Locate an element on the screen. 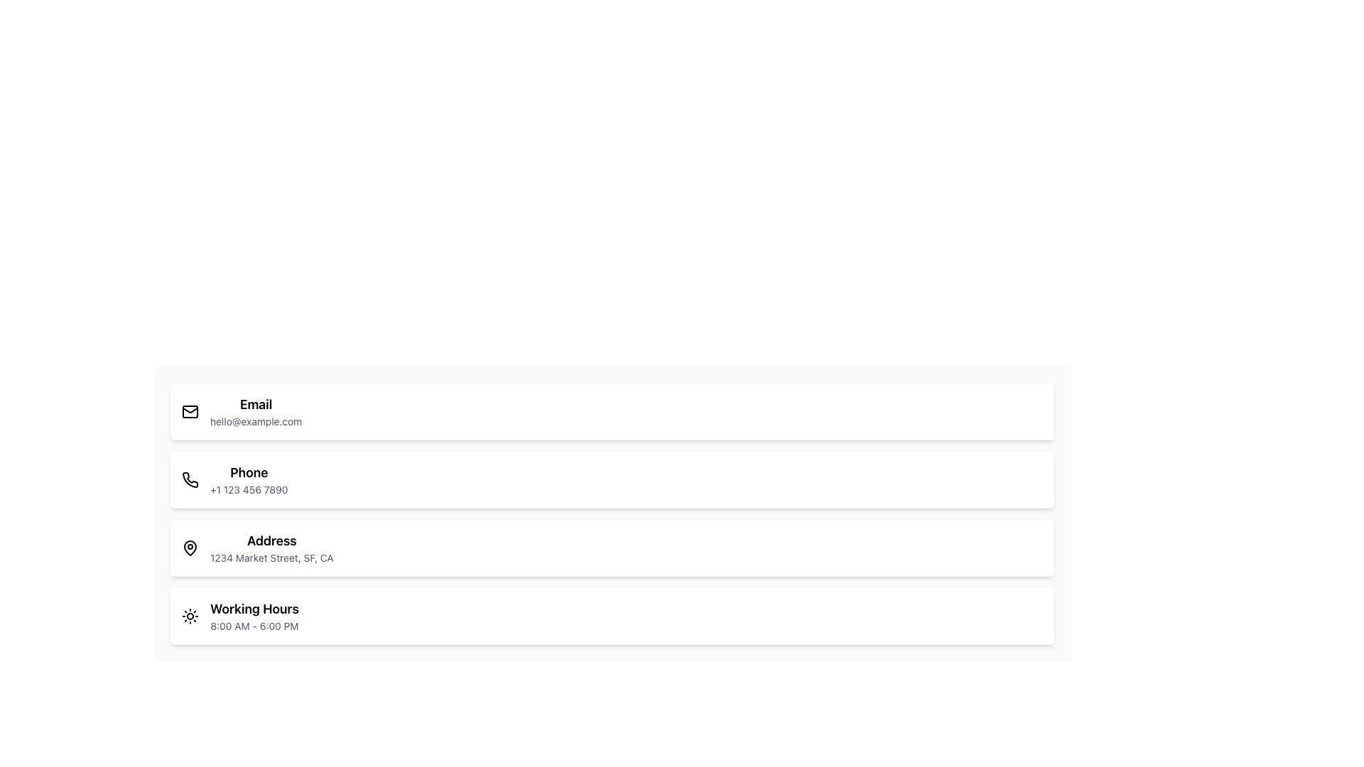  the Static Text displaying the contact email address, located beneath the 'Email' label is located at coordinates (256, 421).